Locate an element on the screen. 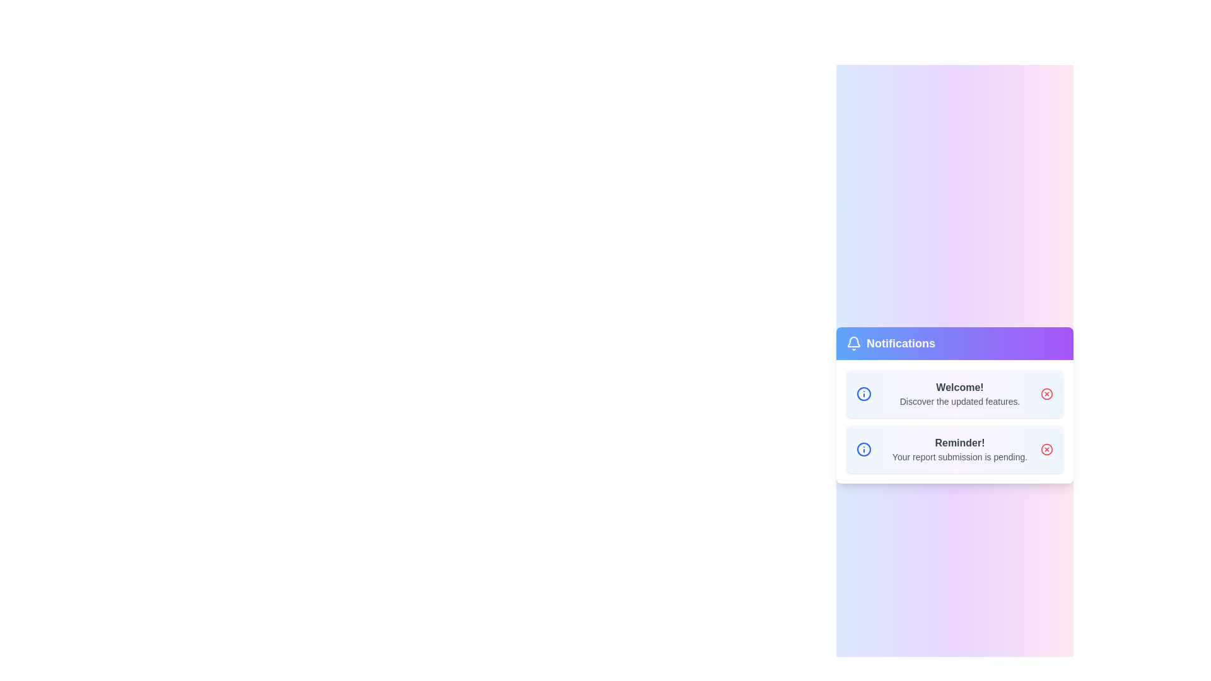 The image size is (1211, 681). the notification text block reminding the user to submit a report, which is the second notification in the list of notifications is located at coordinates (959, 449).